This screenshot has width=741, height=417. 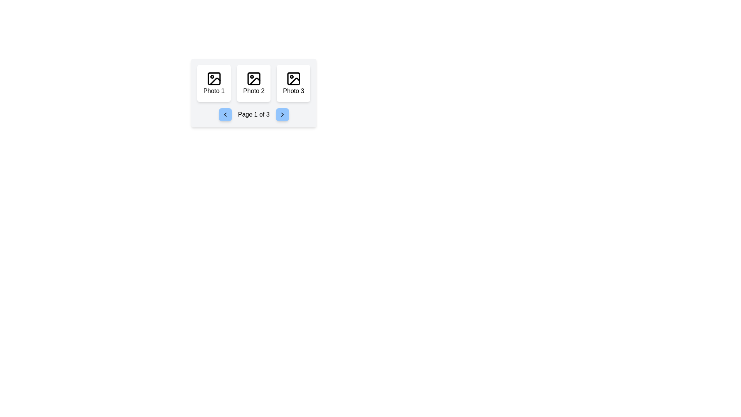 I want to click on the image icon located at the top of the 'Photo 1' card, which represents photo content in the interface, so click(x=214, y=79).